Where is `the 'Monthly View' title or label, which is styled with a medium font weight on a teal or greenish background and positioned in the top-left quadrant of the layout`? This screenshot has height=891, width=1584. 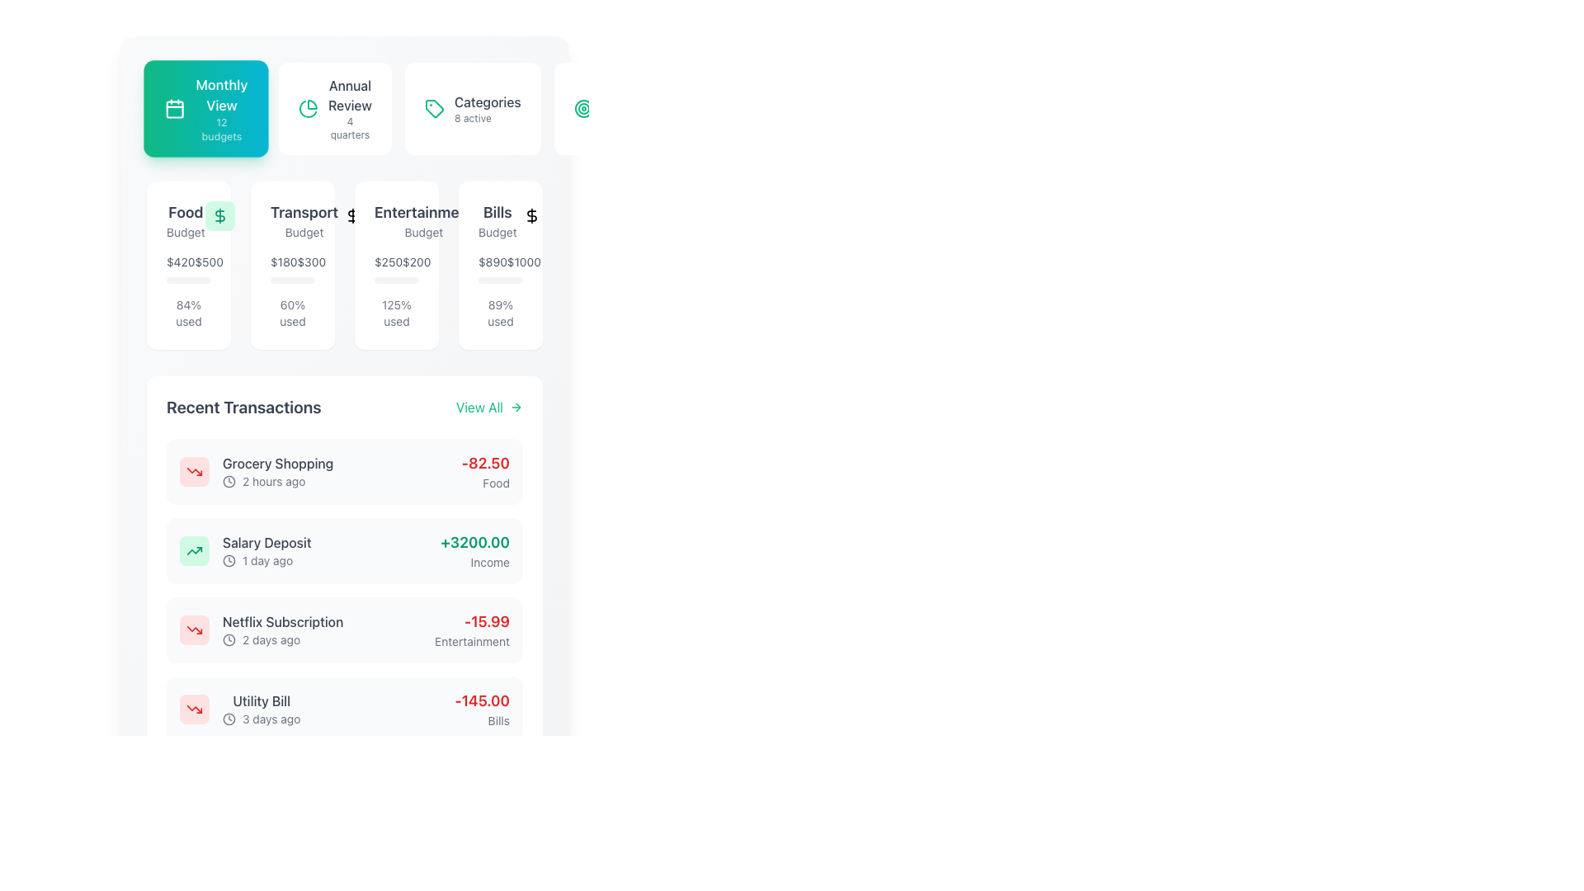 the 'Monthly View' title or label, which is styled with a medium font weight on a teal or greenish background and positioned in the top-left quadrant of the layout is located at coordinates (220, 95).